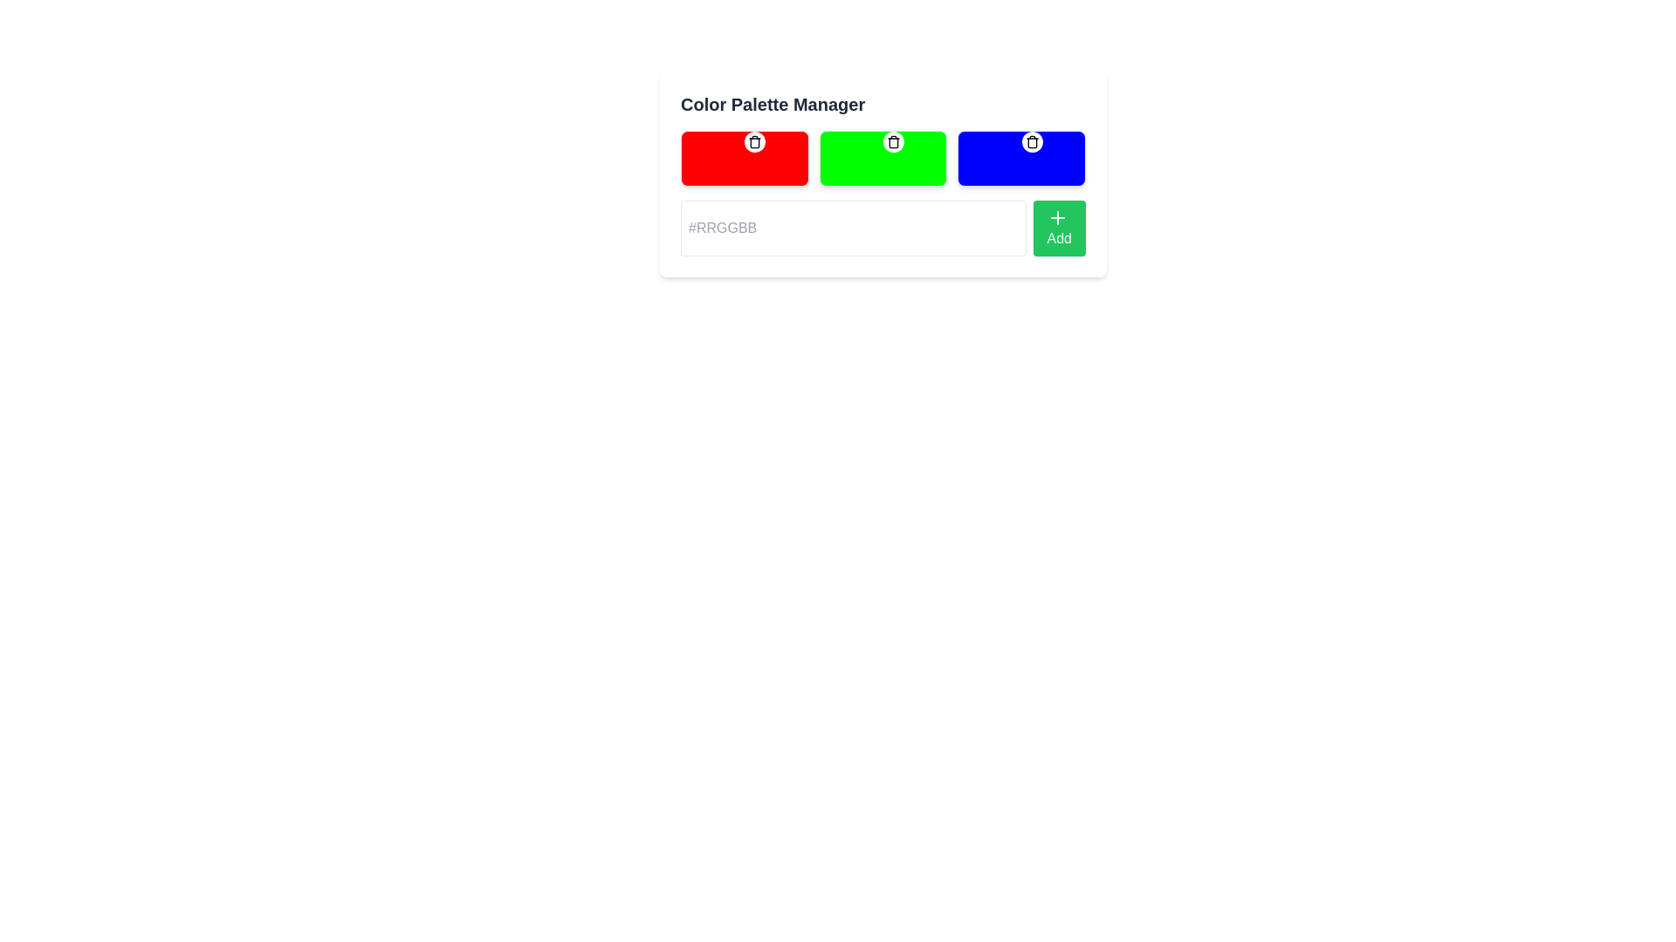 This screenshot has width=1676, height=942. Describe the element at coordinates (893, 140) in the screenshot. I see `the small circular delete button with a trash can icon located at the upper right corner of the green rectangular box` at that location.